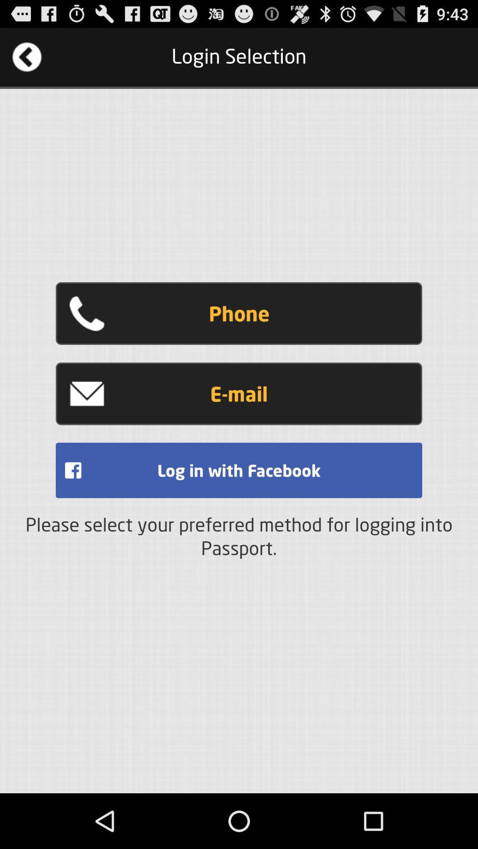  Describe the element at coordinates (239, 470) in the screenshot. I see `the log in with item` at that location.